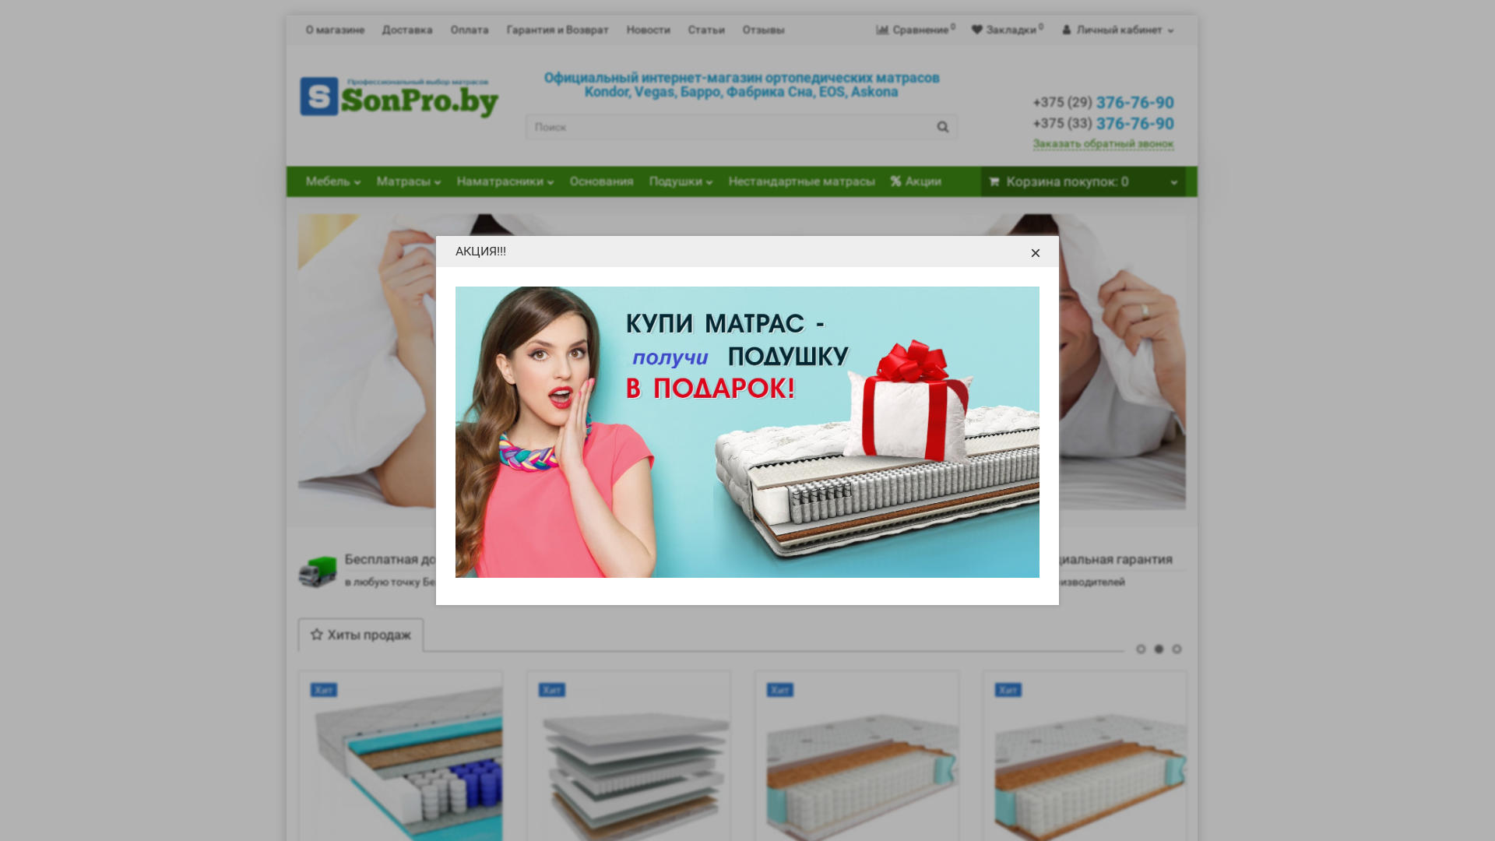  Describe the element at coordinates (297, 90) in the screenshot. I see `'SonPro.by'` at that location.